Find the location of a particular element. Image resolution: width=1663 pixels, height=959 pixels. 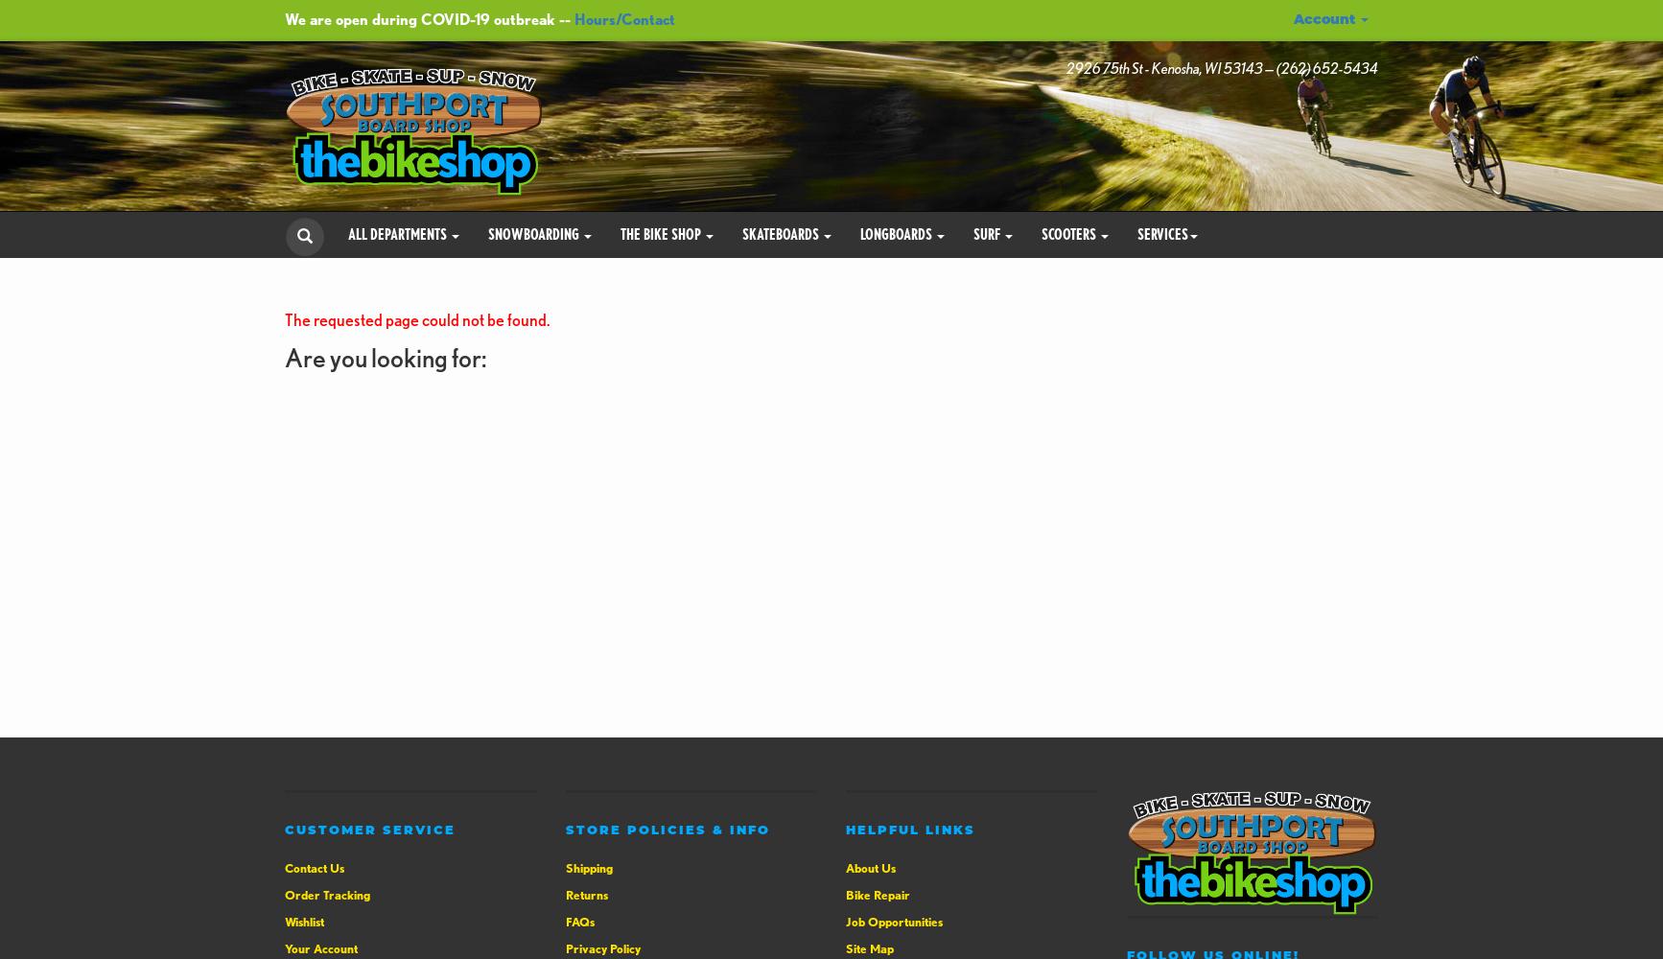

'Hours/Contact' is located at coordinates (623, 19).